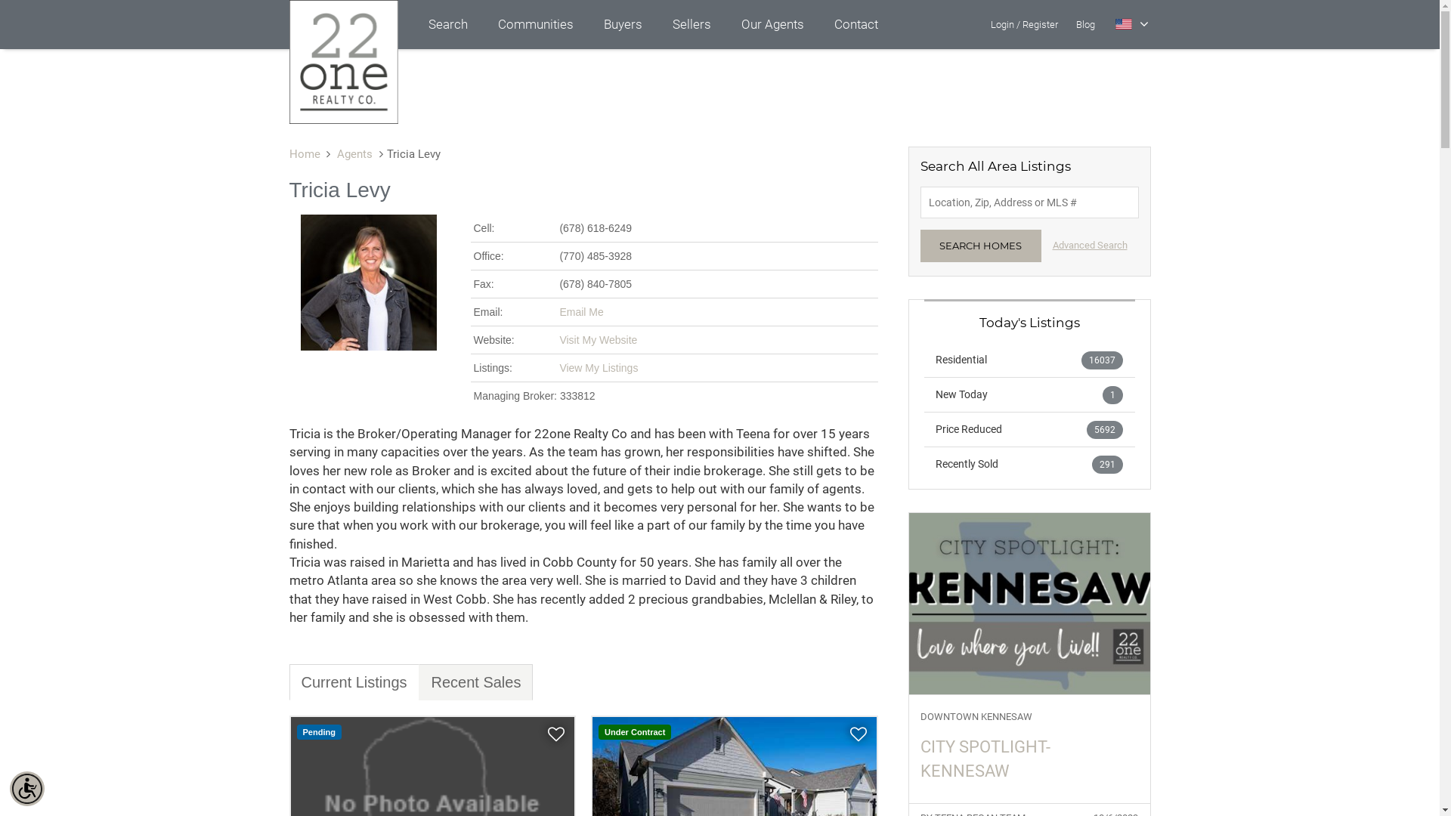  What do you see at coordinates (855, 24) in the screenshot?
I see `'Contact'` at bounding box center [855, 24].